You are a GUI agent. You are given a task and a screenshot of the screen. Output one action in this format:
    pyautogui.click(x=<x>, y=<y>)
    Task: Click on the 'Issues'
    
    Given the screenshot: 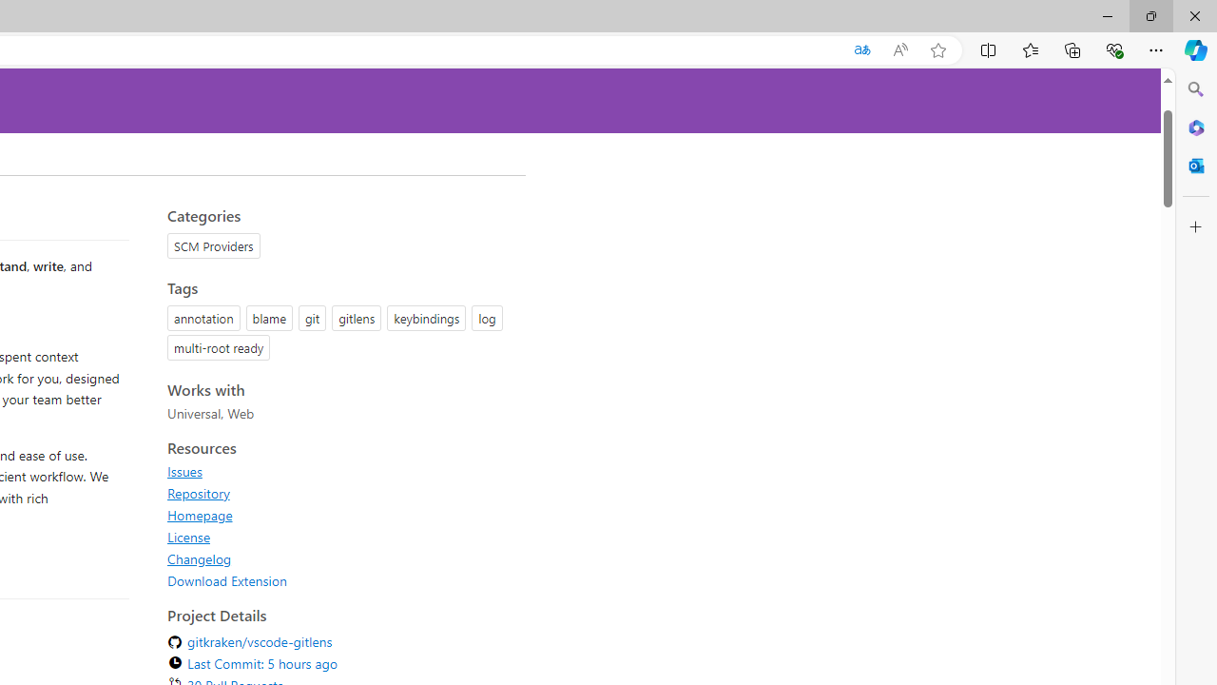 What is the action you would take?
    pyautogui.click(x=184, y=471)
    